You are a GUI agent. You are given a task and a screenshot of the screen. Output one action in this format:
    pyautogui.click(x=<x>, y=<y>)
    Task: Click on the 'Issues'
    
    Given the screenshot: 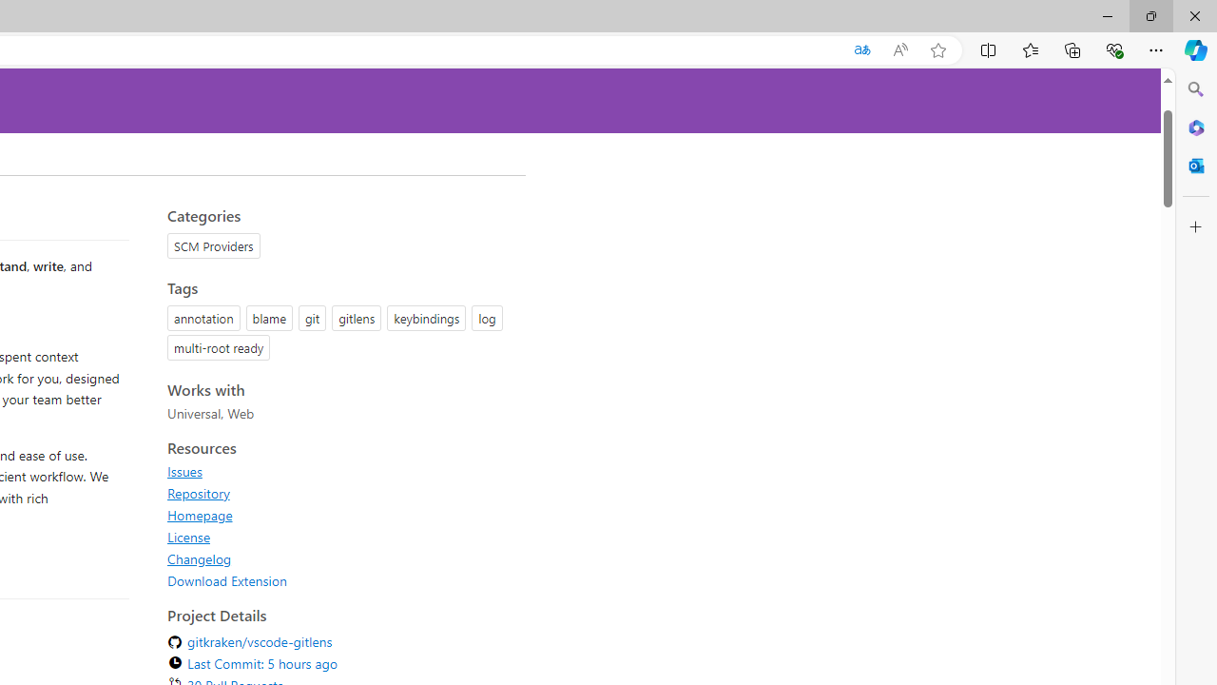 What is the action you would take?
    pyautogui.click(x=184, y=471)
    